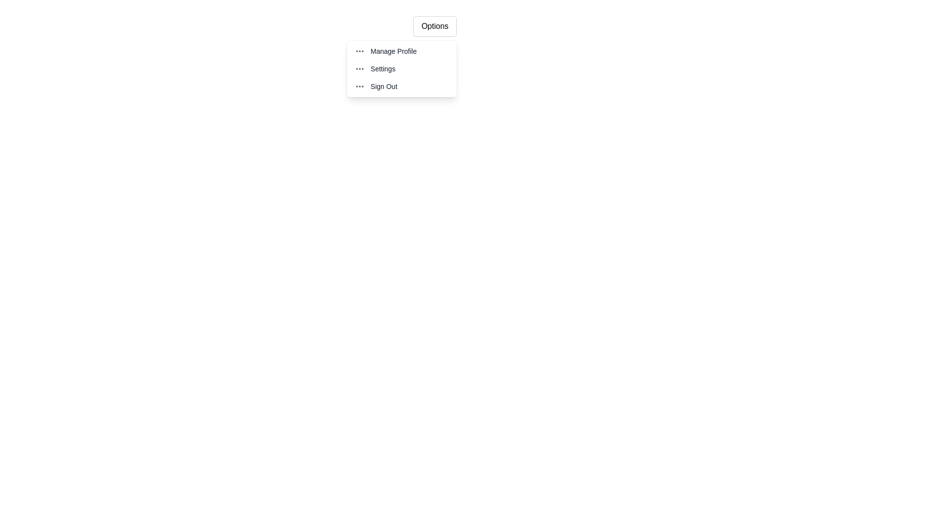 The width and height of the screenshot is (940, 528). Describe the element at coordinates (434, 26) in the screenshot. I see `the dropdown menu trigger button located at the top-right of the dropdown menu group to indicate focus` at that location.